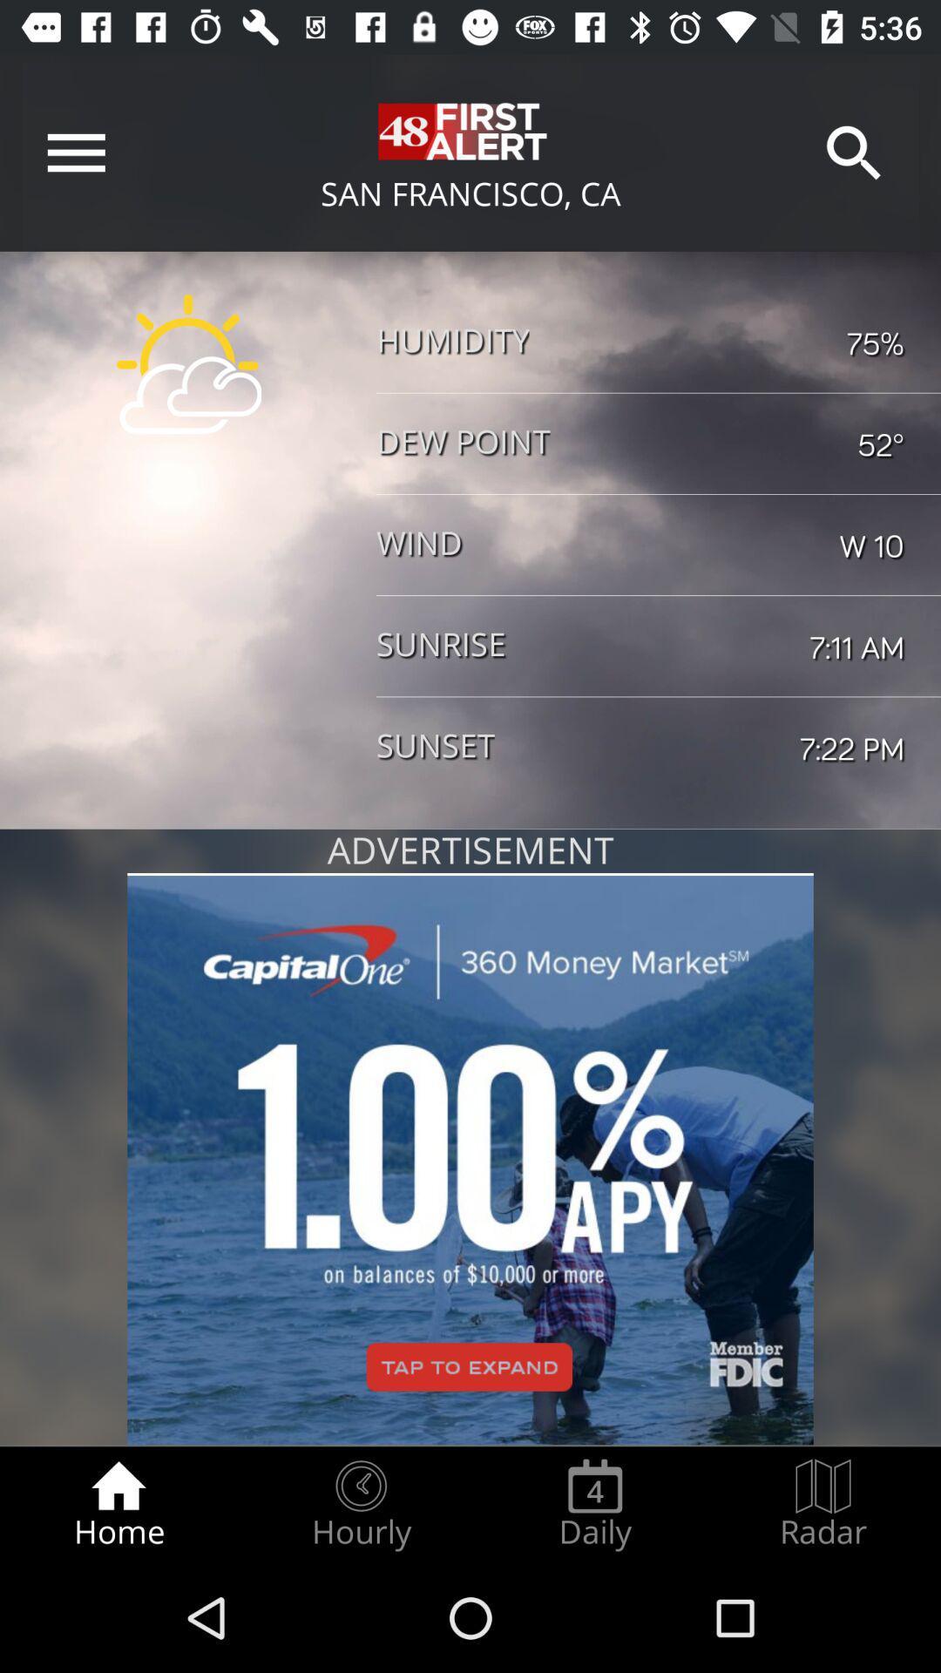 This screenshot has width=941, height=1673. What do you see at coordinates (594, 1504) in the screenshot?
I see `icon next to radar item` at bounding box center [594, 1504].